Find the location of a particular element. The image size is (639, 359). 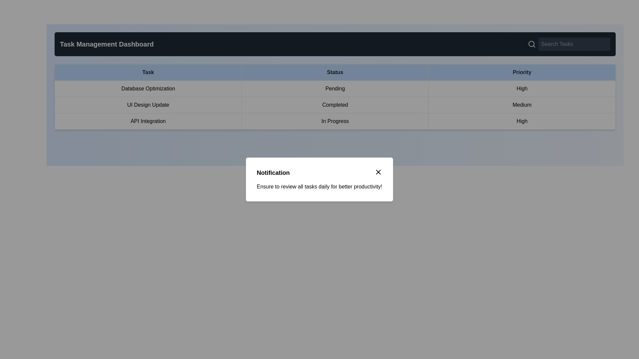

the 'Status' cell of the 'API Integration' task is located at coordinates (335, 121).